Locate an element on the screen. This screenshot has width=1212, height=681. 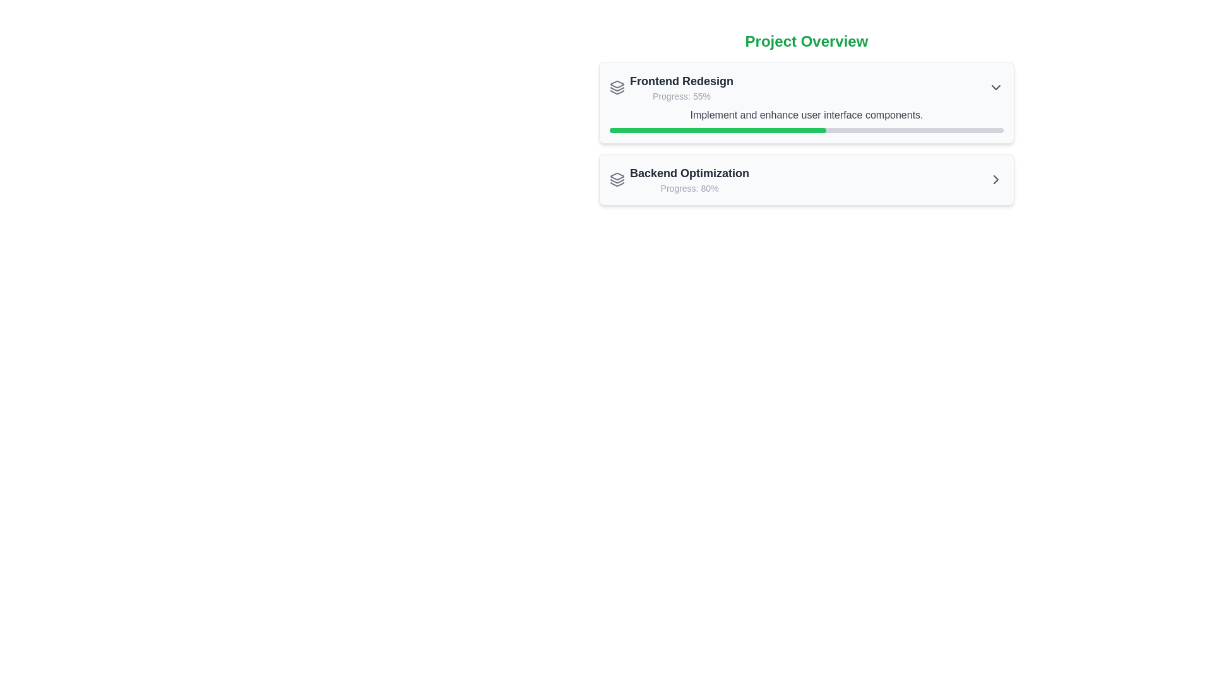
text label that serves as the title for the project entry located at the top of the project overview section is located at coordinates (681, 81).